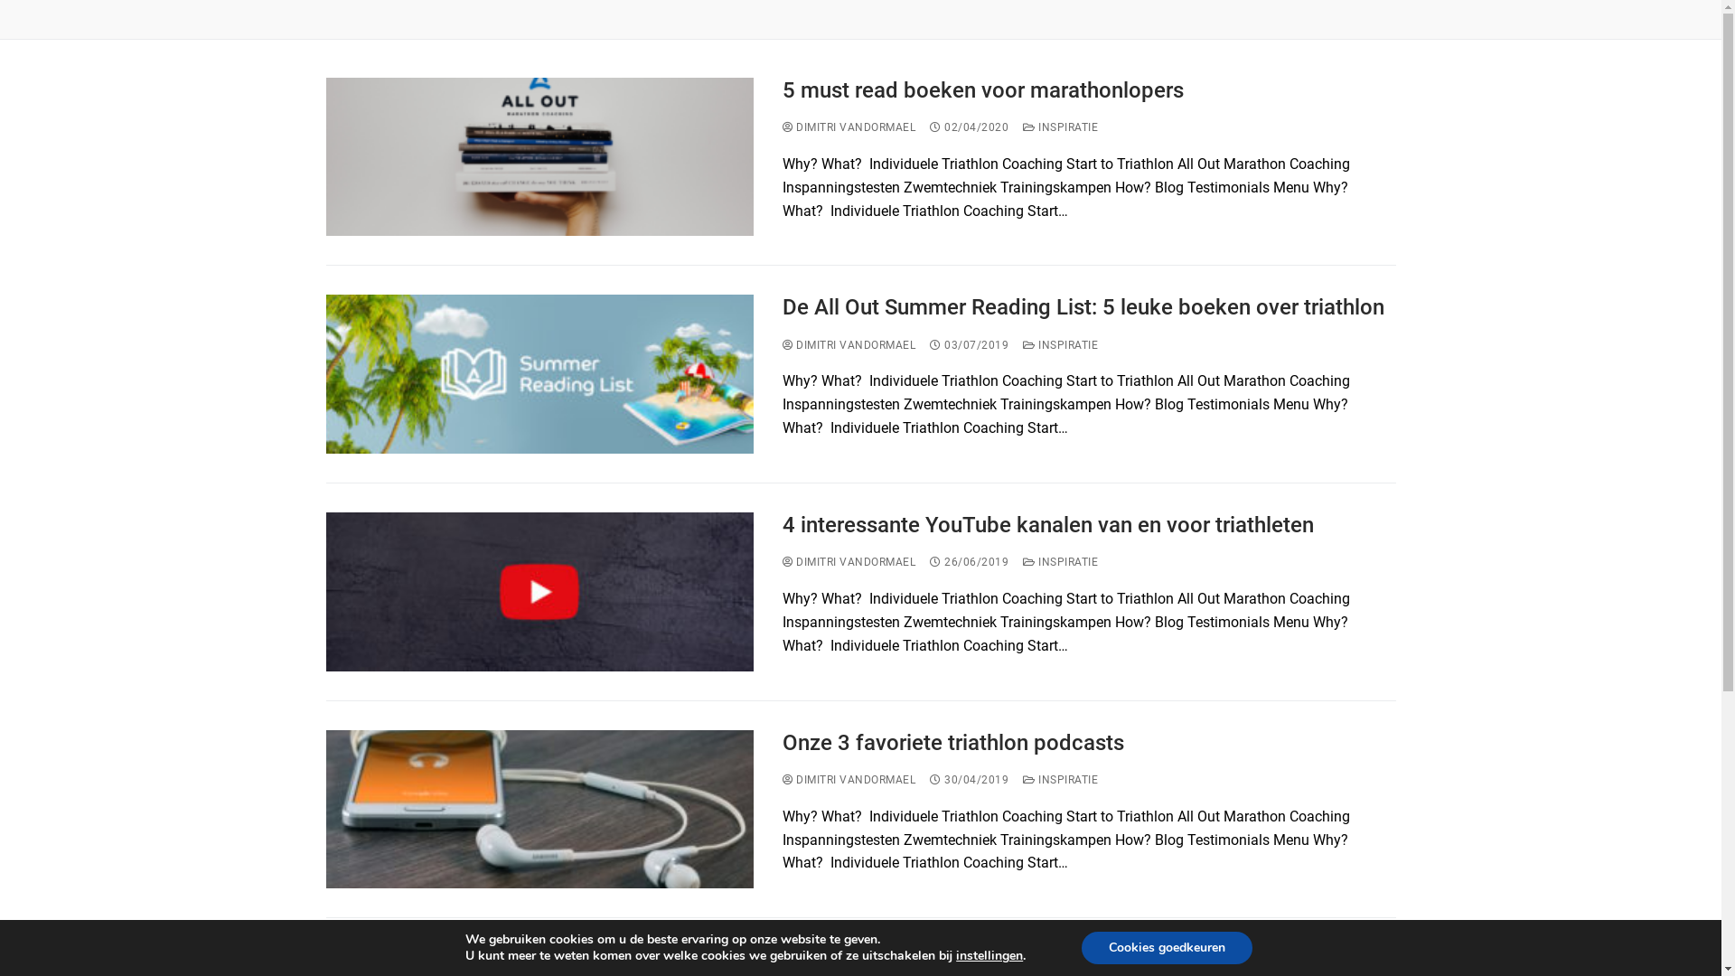 Image resolution: width=1735 pixels, height=976 pixels. Describe the element at coordinates (968, 344) in the screenshot. I see `'03/07/2019'` at that location.